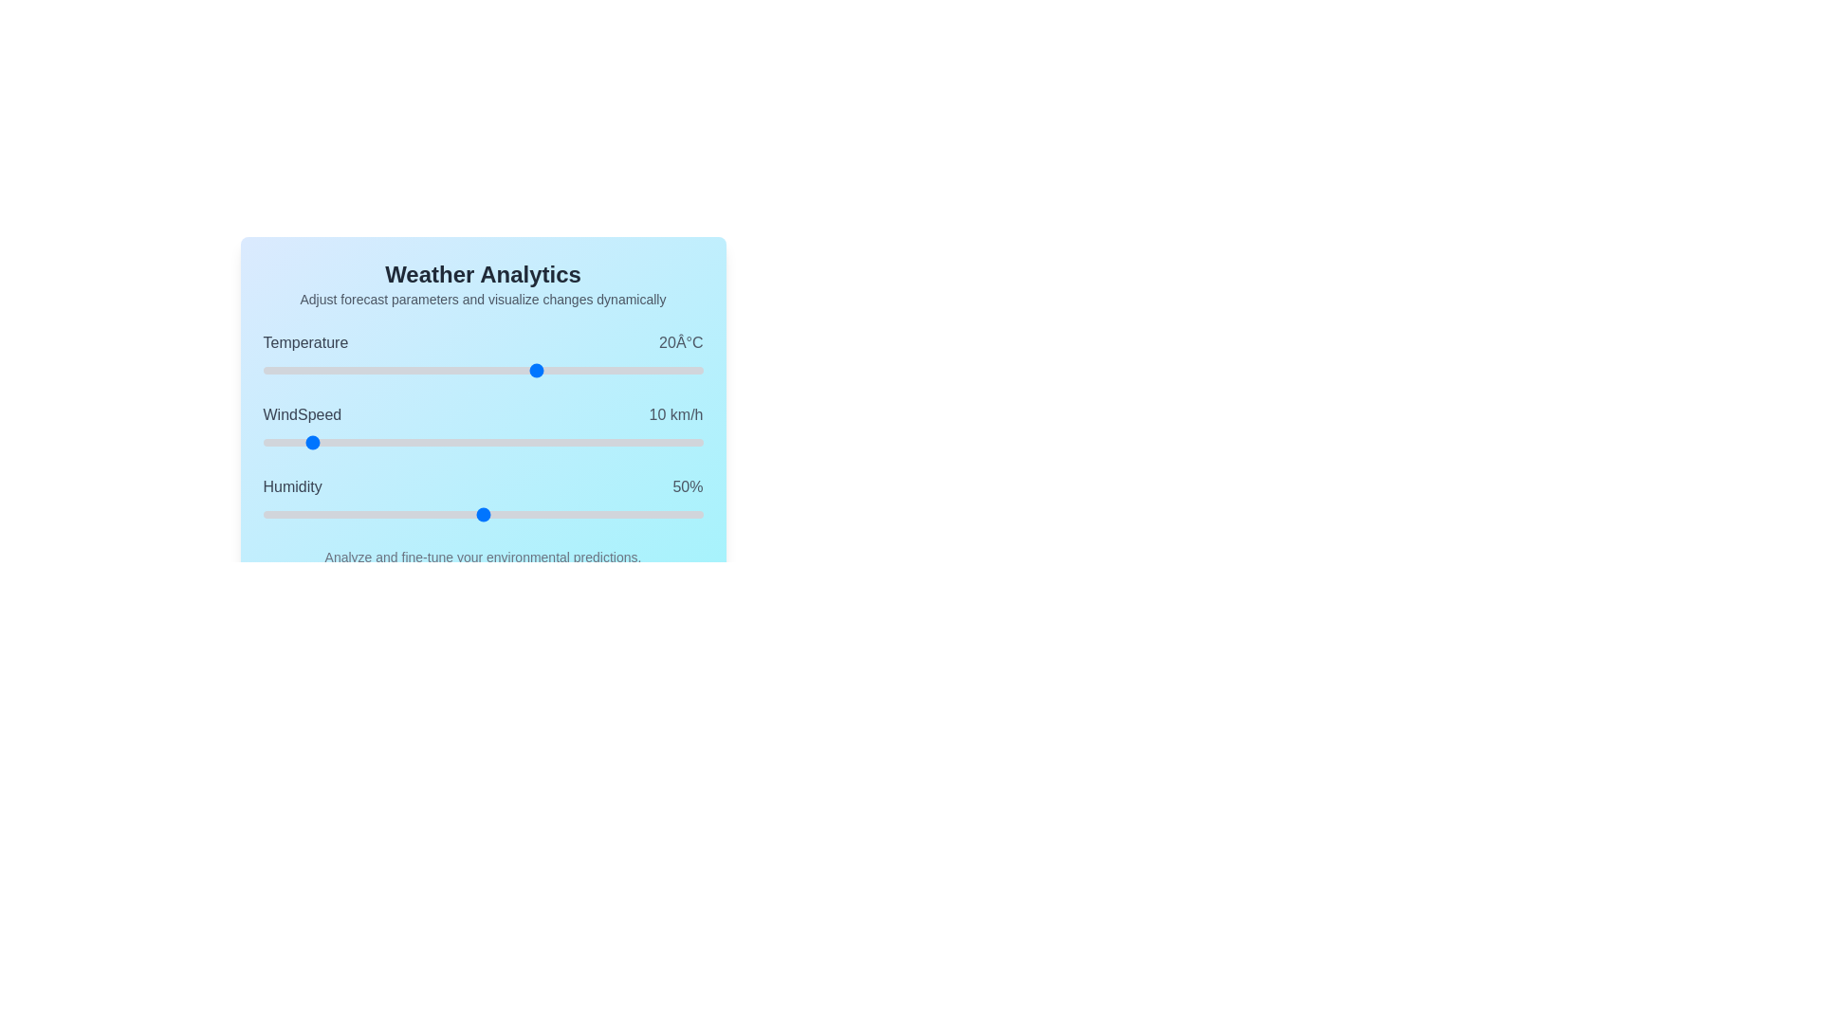 This screenshot has height=1024, width=1821. Describe the element at coordinates (526, 370) in the screenshot. I see `the temperature slider to set the value to 18°C` at that location.